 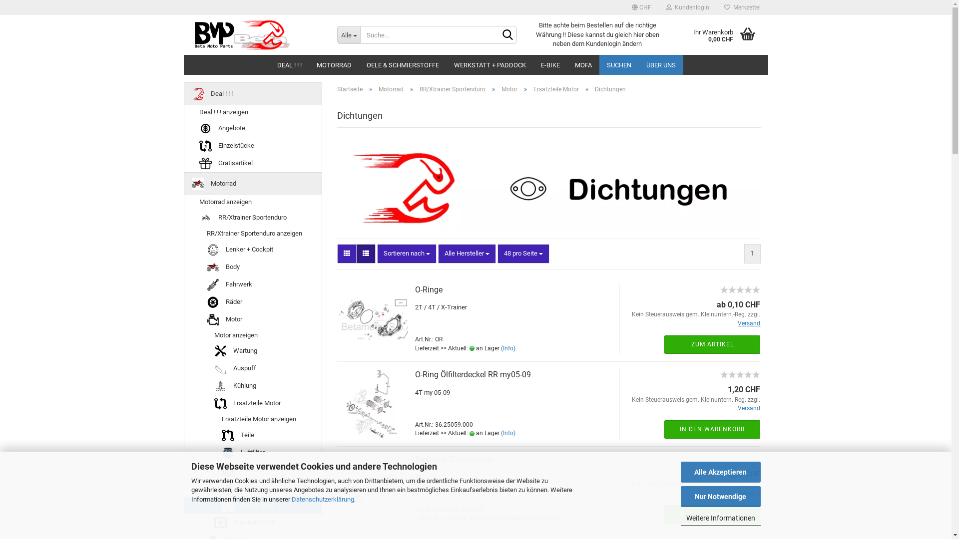 I want to click on 'Sortieren nach', so click(x=376, y=253).